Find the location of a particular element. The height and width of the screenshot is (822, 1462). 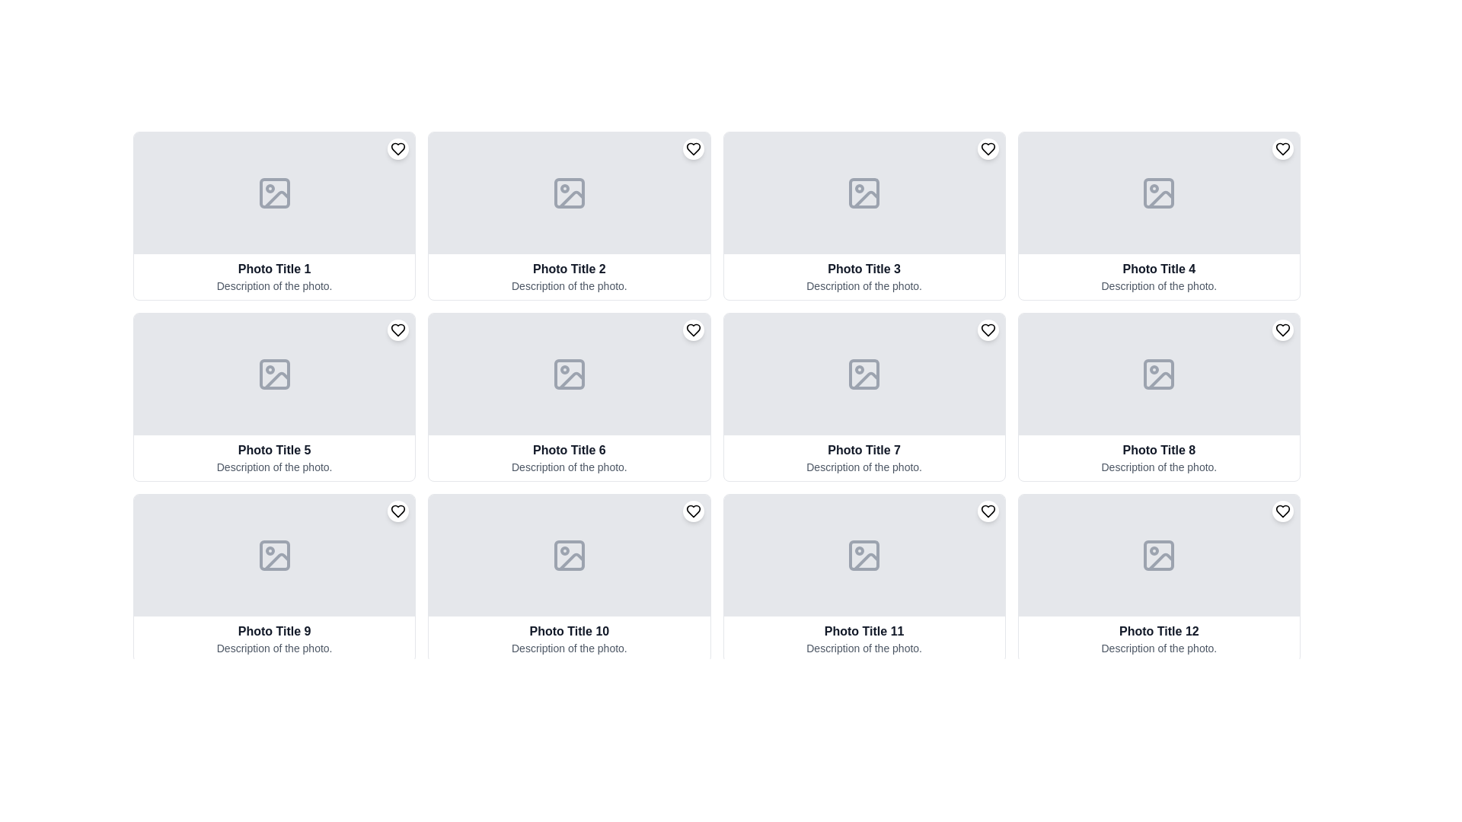

the visual placeholder icon for an image located in the fifth image slot of a 4x3 grid layout, labeled 'Photo Title 5' is located at coordinates (274, 374).